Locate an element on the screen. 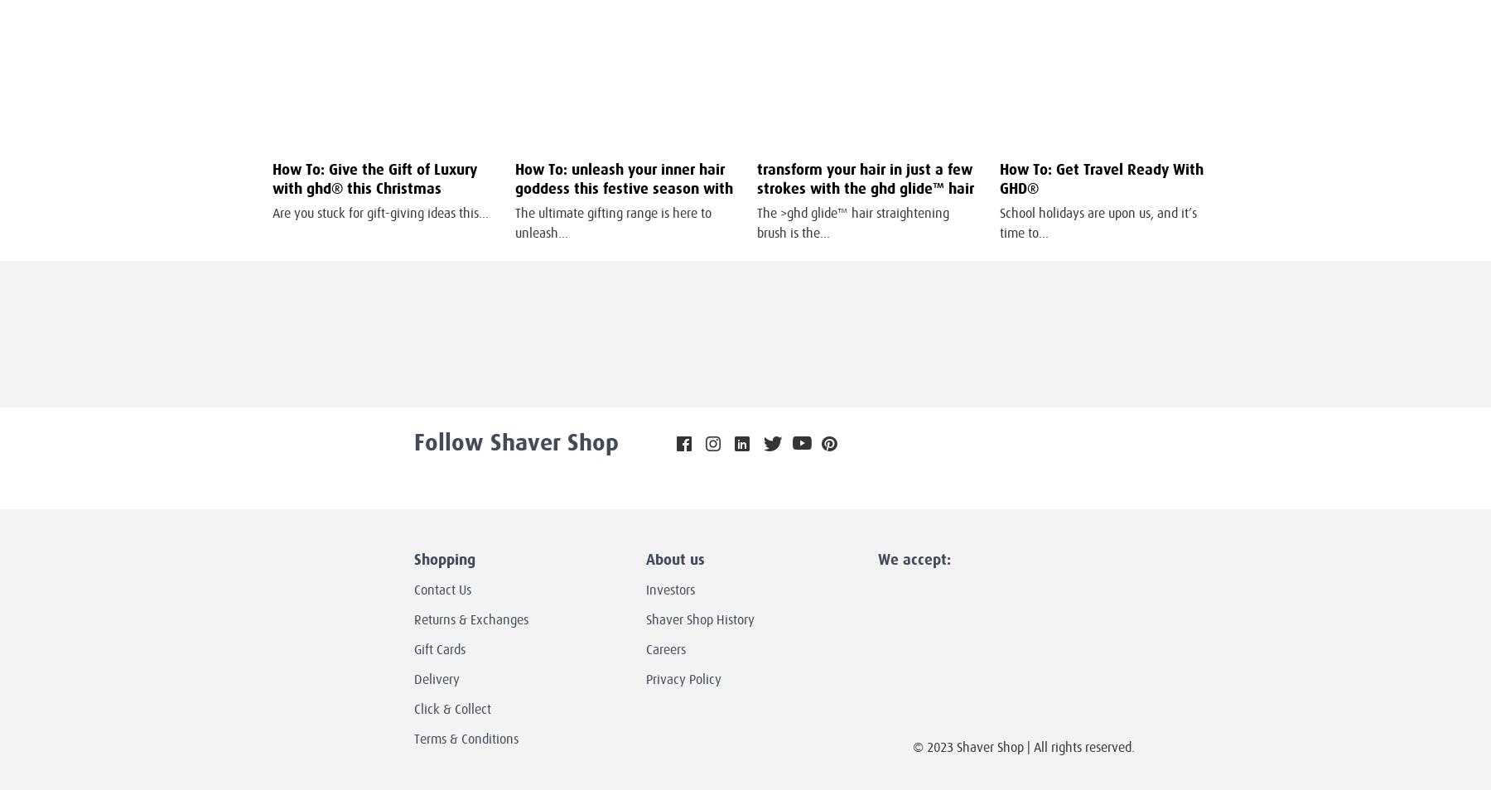  'The  >ghd glide™ hair straightening brush is the...' is located at coordinates (852, 223).